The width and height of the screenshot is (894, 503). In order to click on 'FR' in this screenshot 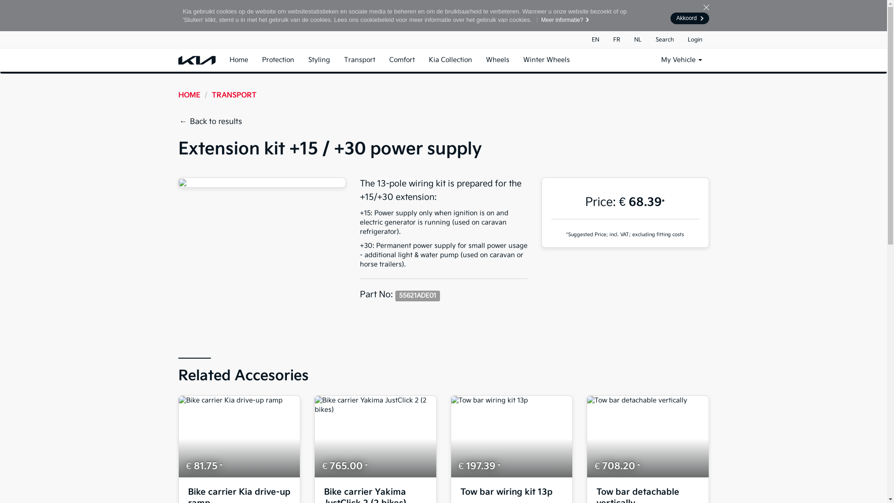, I will do `click(616, 39)`.